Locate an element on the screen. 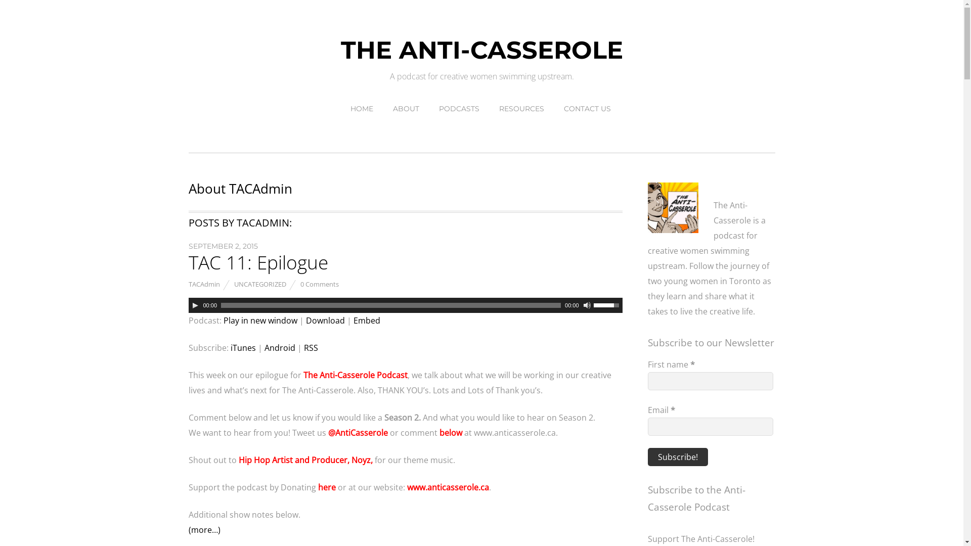 The width and height of the screenshot is (971, 546). '@AntiCasserole' is located at coordinates (357, 432).